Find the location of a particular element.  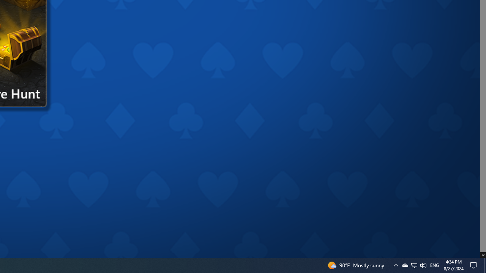

'AutomationID: down_arrow_0' is located at coordinates (483, 255).